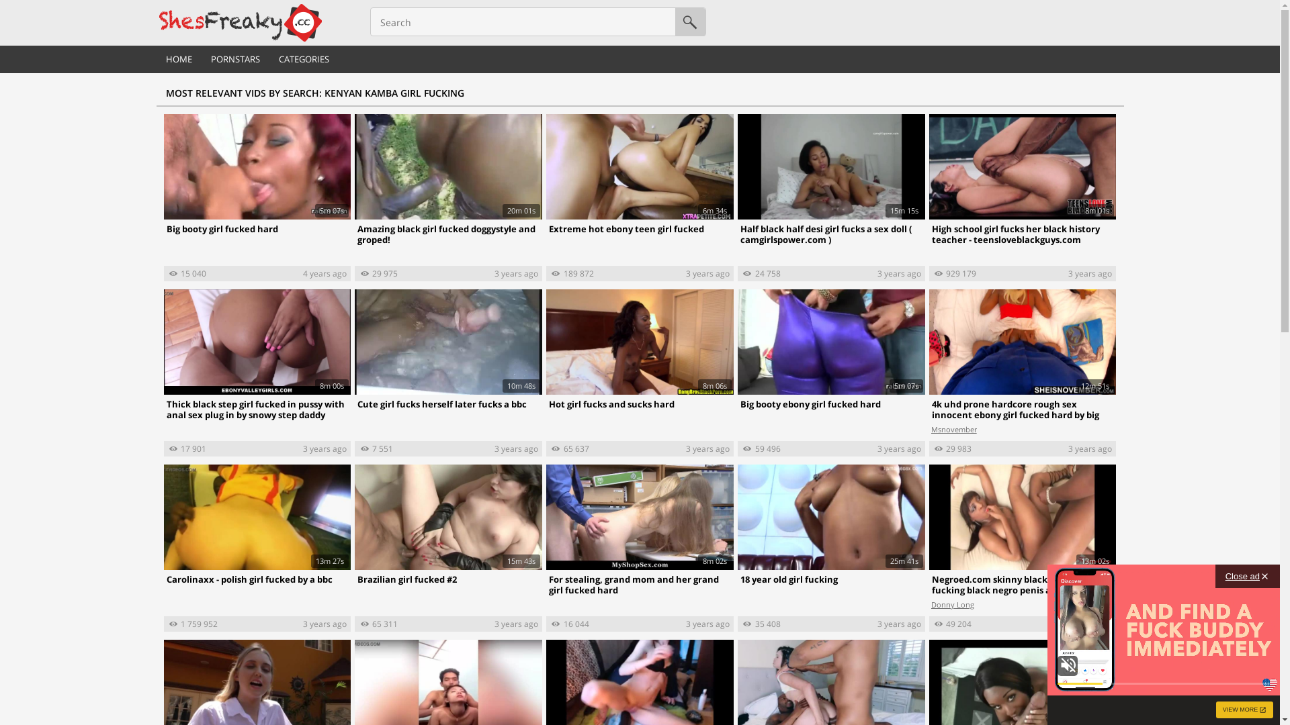 This screenshot has height=725, width=1290. I want to click on 'HOME', so click(177, 58).